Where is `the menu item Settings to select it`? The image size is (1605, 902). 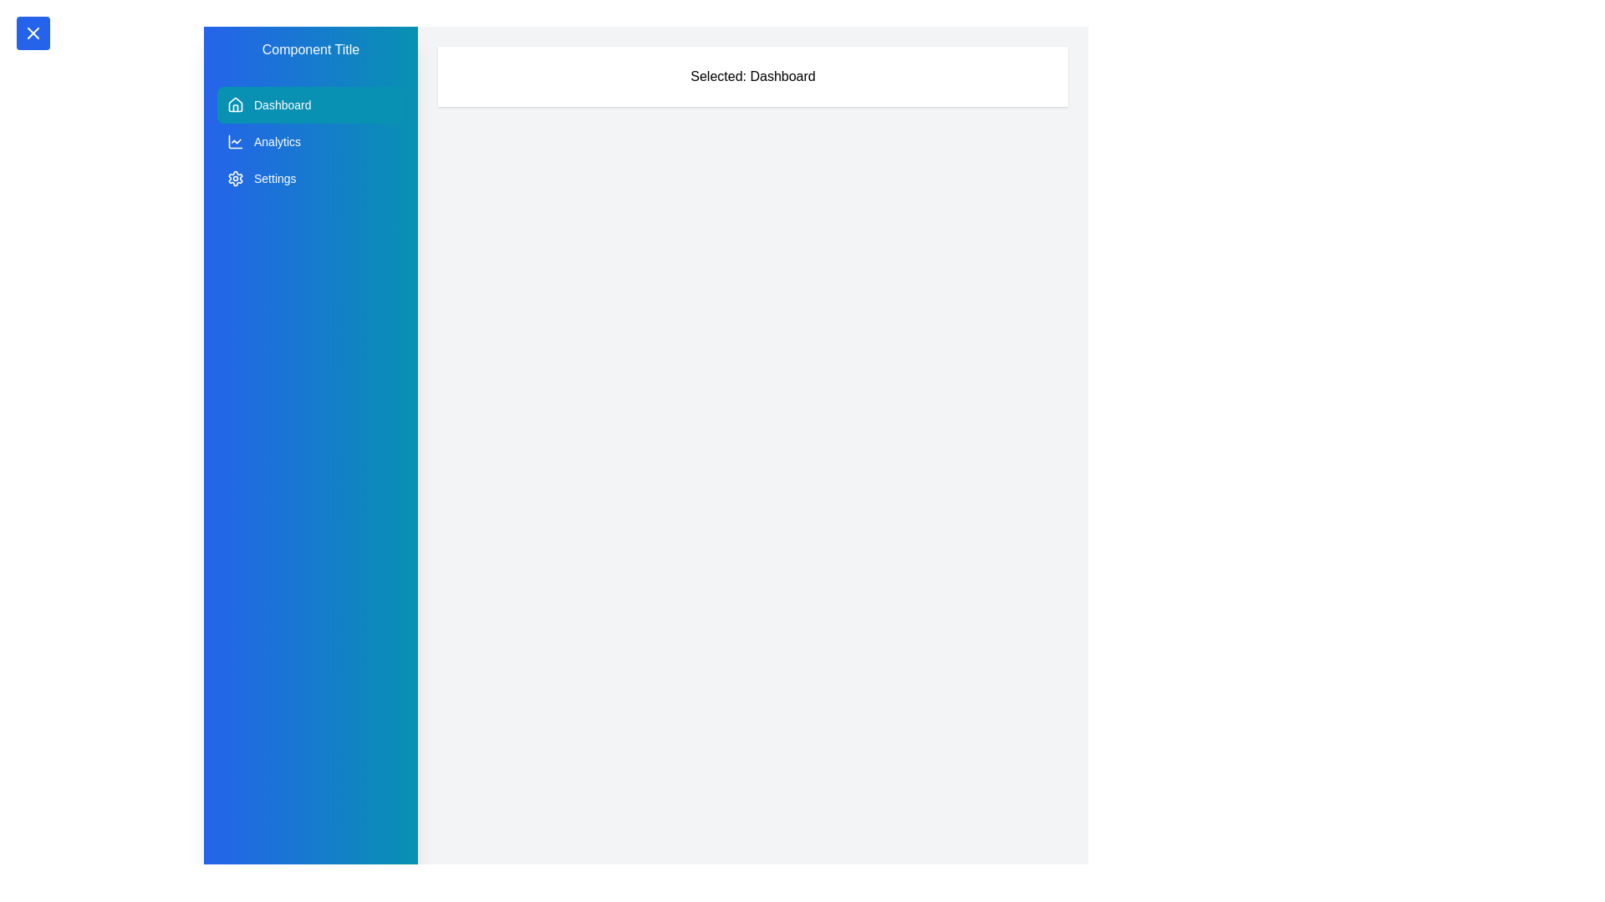
the menu item Settings to select it is located at coordinates (311, 178).